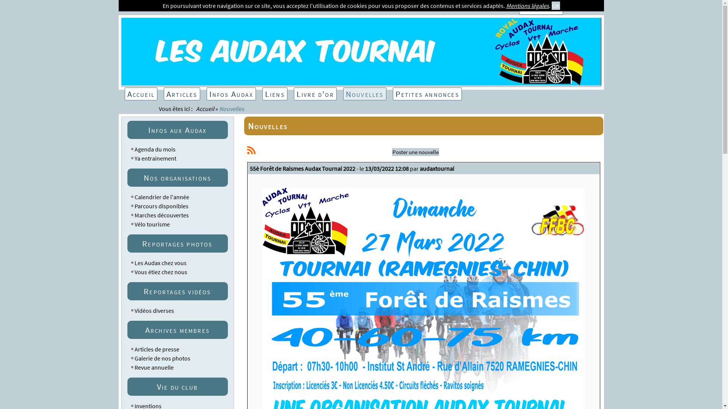 This screenshot has height=409, width=728. Describe the element at coordinates (154, 149) in the screenshot. I see `'Agenda du mois'` at that location.